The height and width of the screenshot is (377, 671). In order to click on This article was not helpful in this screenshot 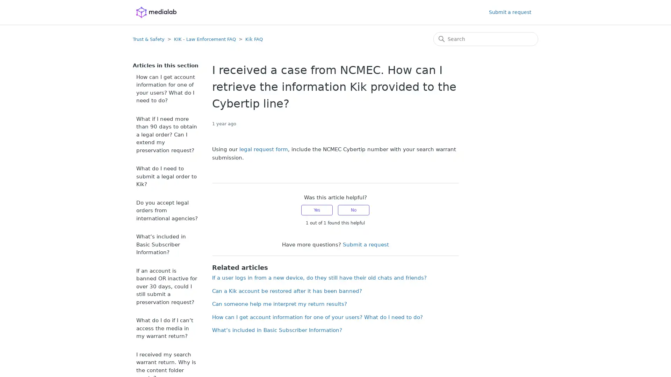, I will do `click(354, 209)`.